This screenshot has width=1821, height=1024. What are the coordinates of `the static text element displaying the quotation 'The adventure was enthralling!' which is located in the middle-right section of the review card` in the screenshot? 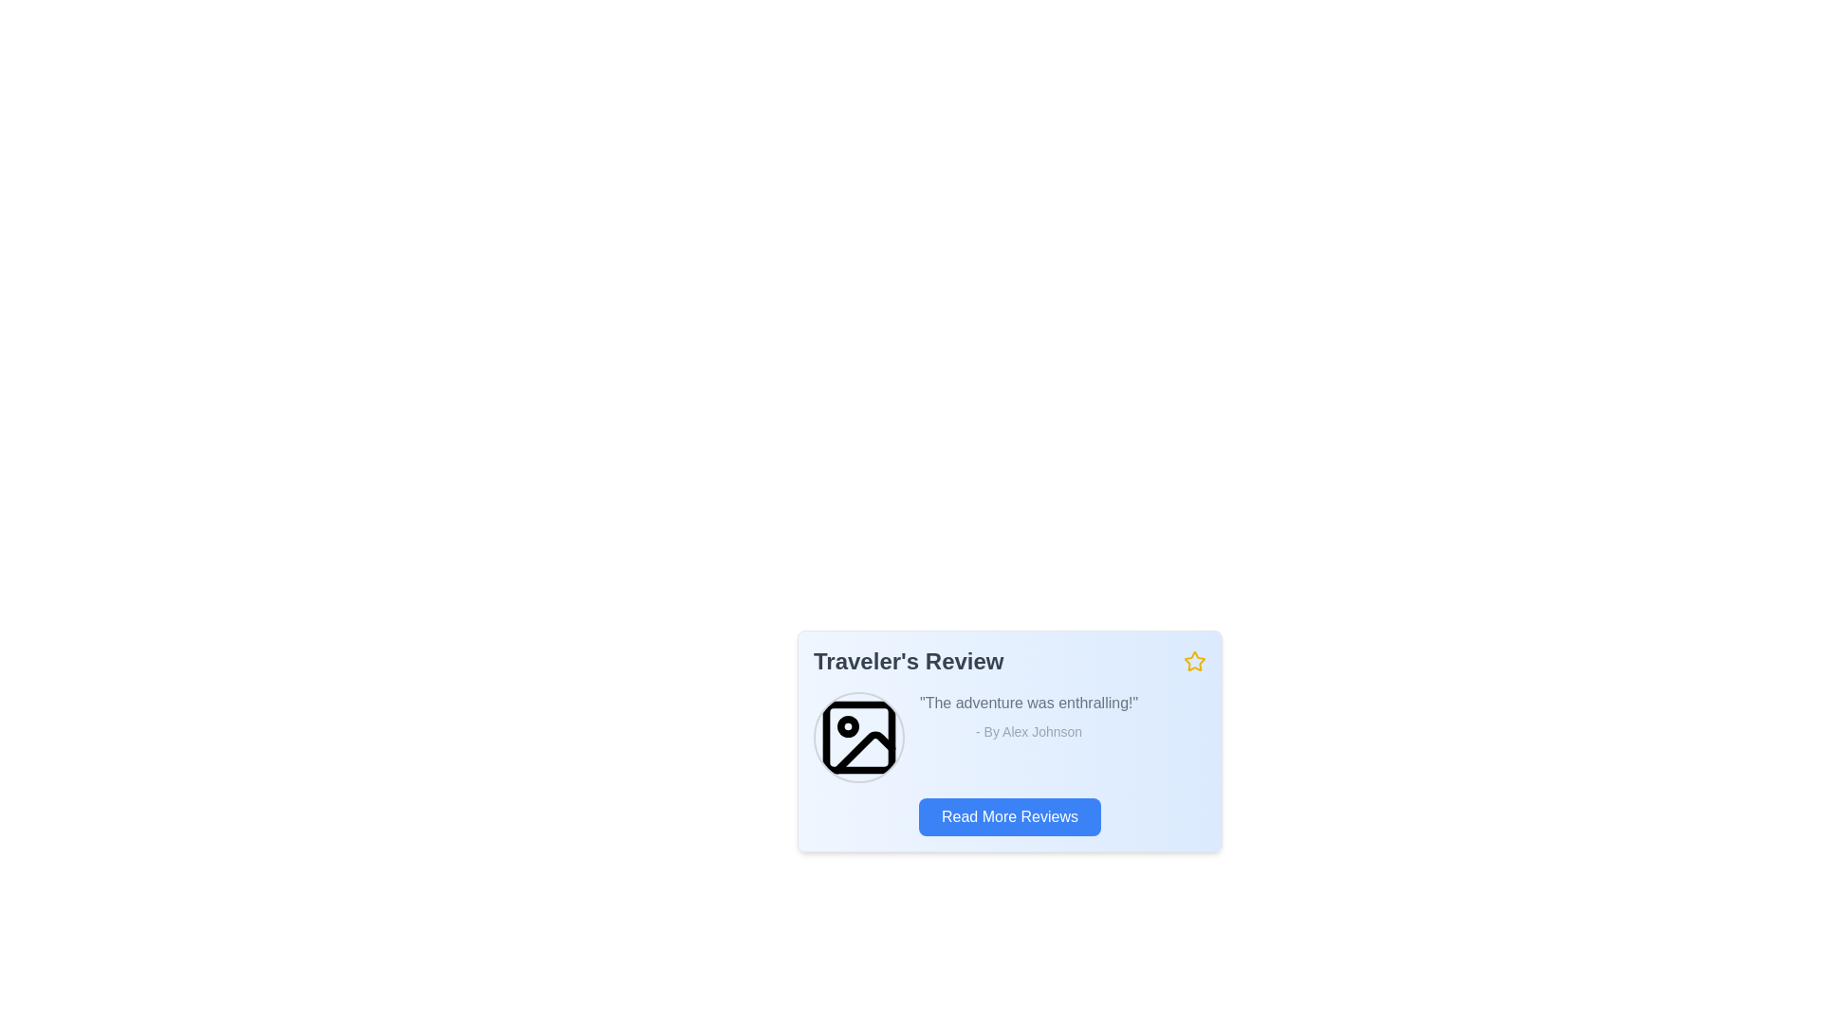 It's located at (1027, 703).